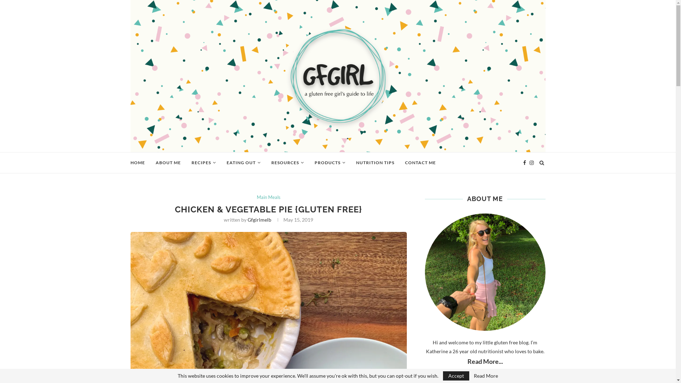  Describe the element at coordinates (485, 361) in the screenshot. I see `'Read More...'` at that location.